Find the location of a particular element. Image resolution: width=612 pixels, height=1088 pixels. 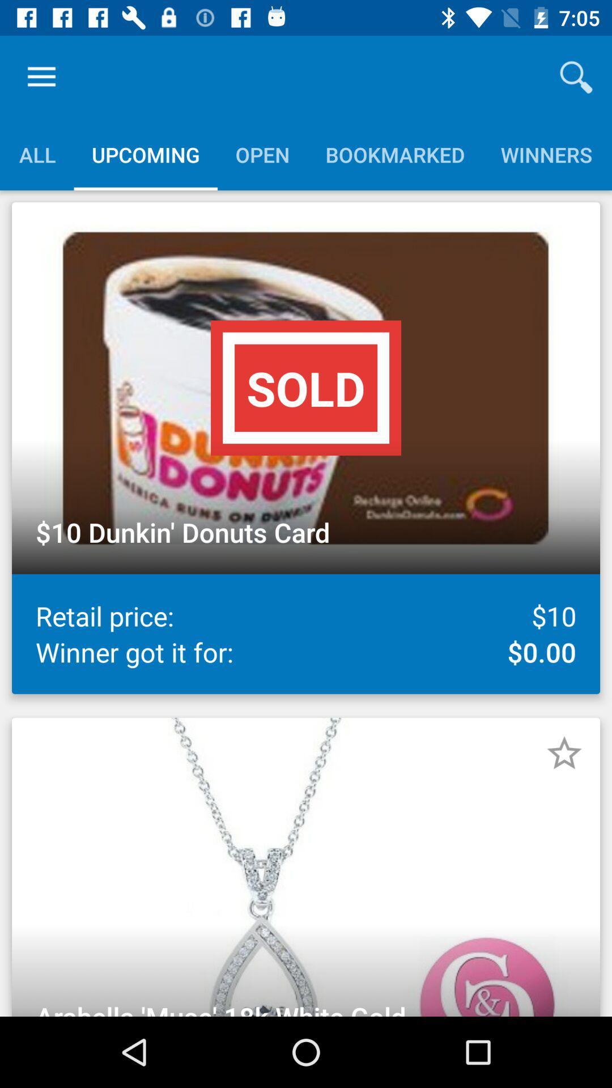

icon above all icon is located at coordinates (41, 76).